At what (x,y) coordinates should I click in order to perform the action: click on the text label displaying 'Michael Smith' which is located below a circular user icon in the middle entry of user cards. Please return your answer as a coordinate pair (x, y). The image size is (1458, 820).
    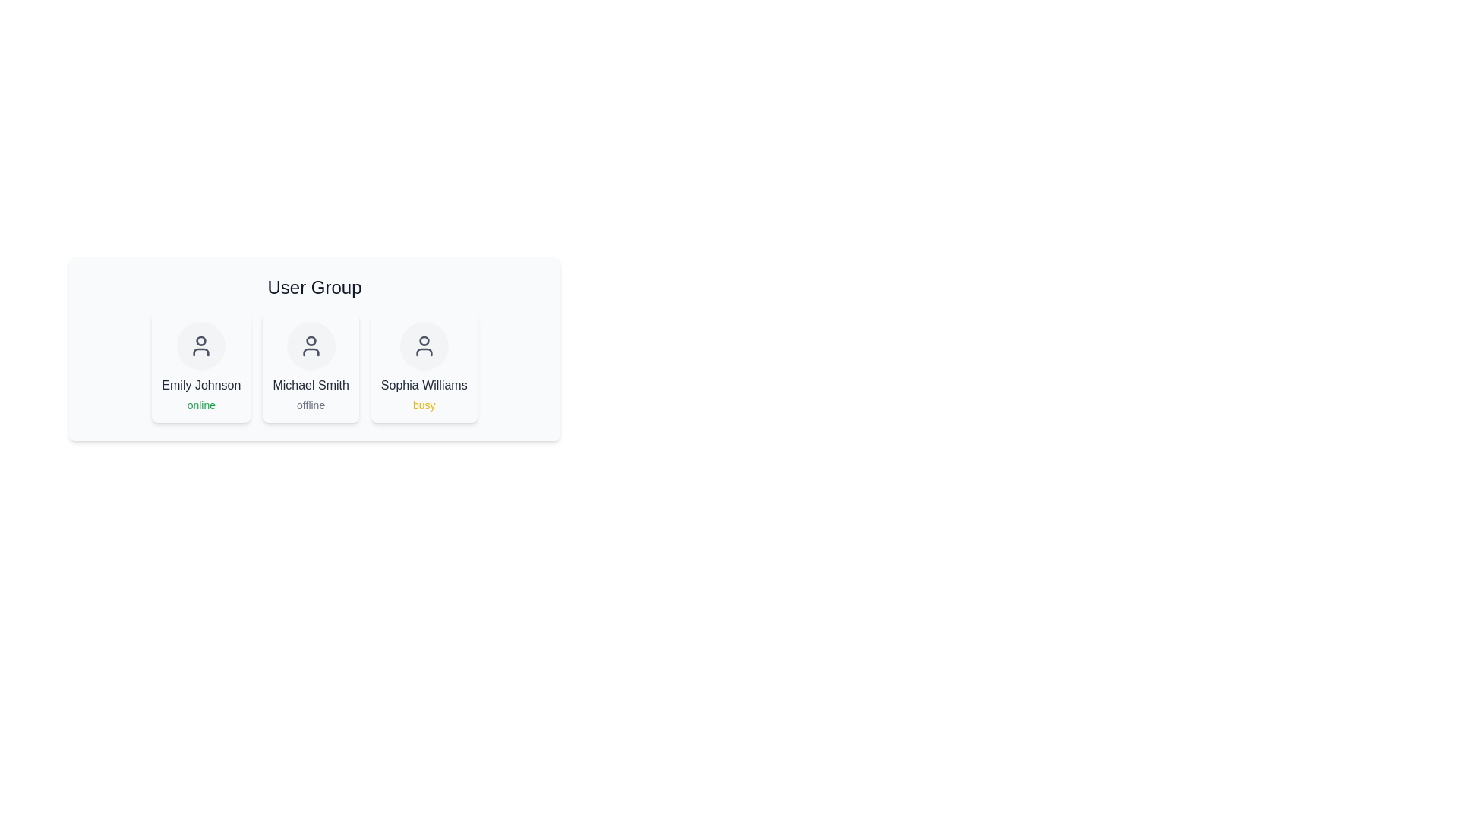
    Looking at the image, I should click on (310, 385).